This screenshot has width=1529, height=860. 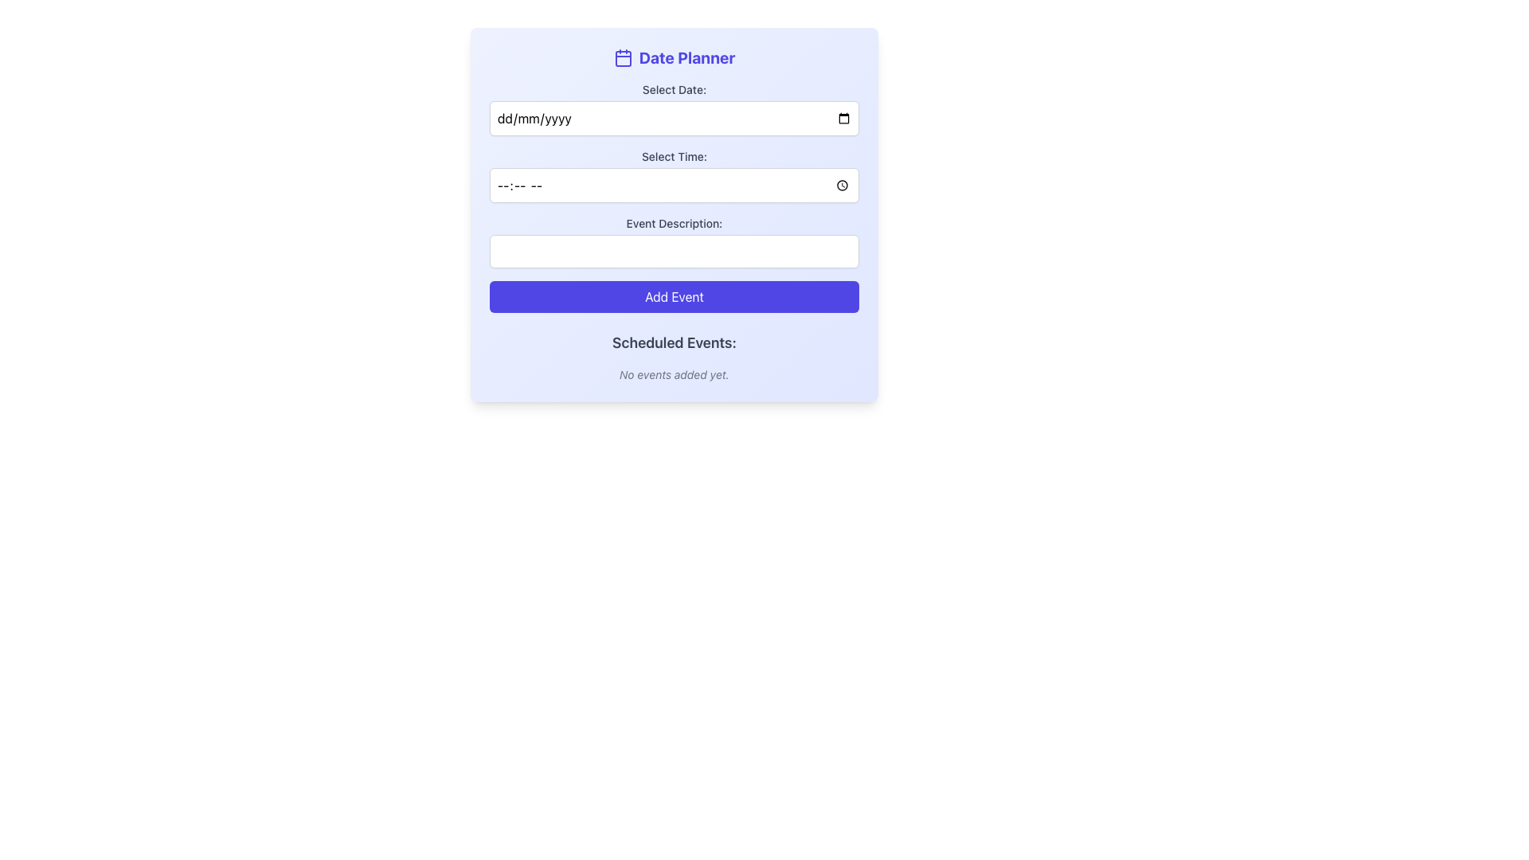 I want to click on a date from the calendar picker by clicking on the Date Input Field located below the label 'Select Date:' in the top section of the UI, so click(x=674, y=118).